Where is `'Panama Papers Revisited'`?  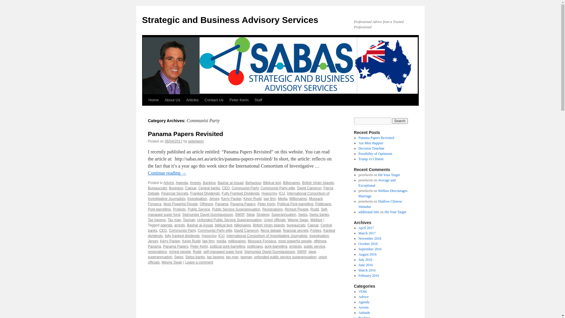
'Panama Papers Revisited' is located at coordinates (358, 138).